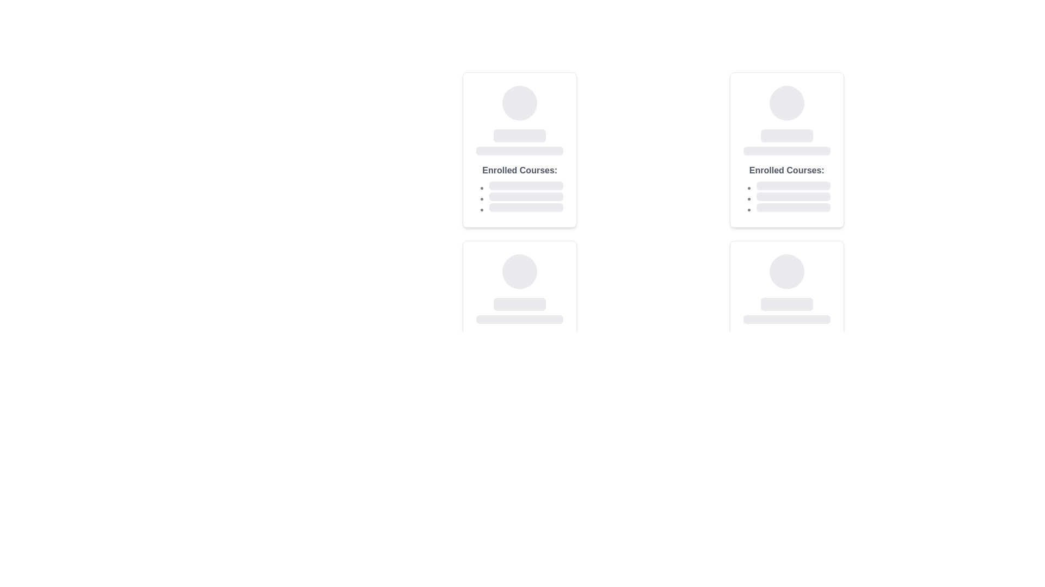 Image resolution: width=1045 pixels, height=587 pixels. What do you see at coordinates (786, 318) in the screenshot?
I see `the last card component in the grid layout, which serves as a placeholder for user profile or course information` at bounding box center [786, 318].